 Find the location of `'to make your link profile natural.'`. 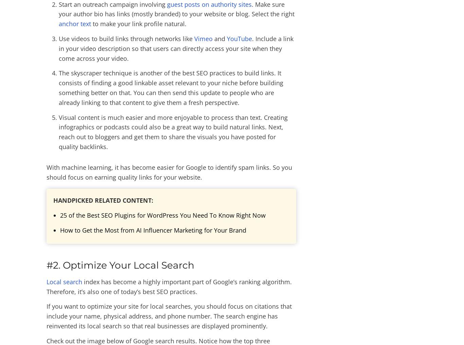

'to make your link profile natural.' is located at coordinates (138, 24).